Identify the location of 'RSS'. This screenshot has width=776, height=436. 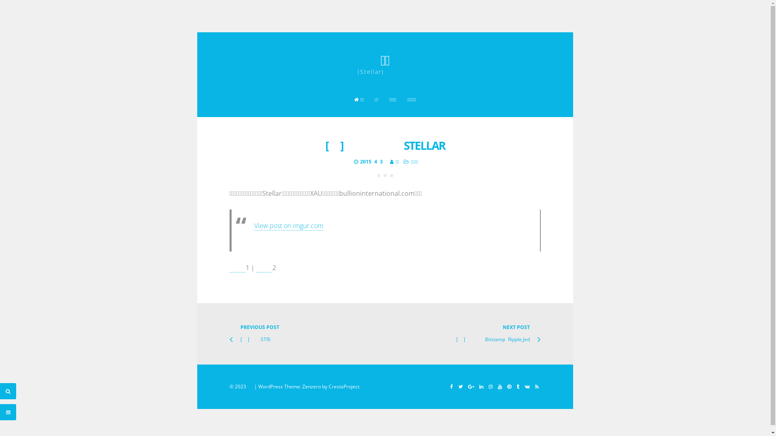
(536, 386).